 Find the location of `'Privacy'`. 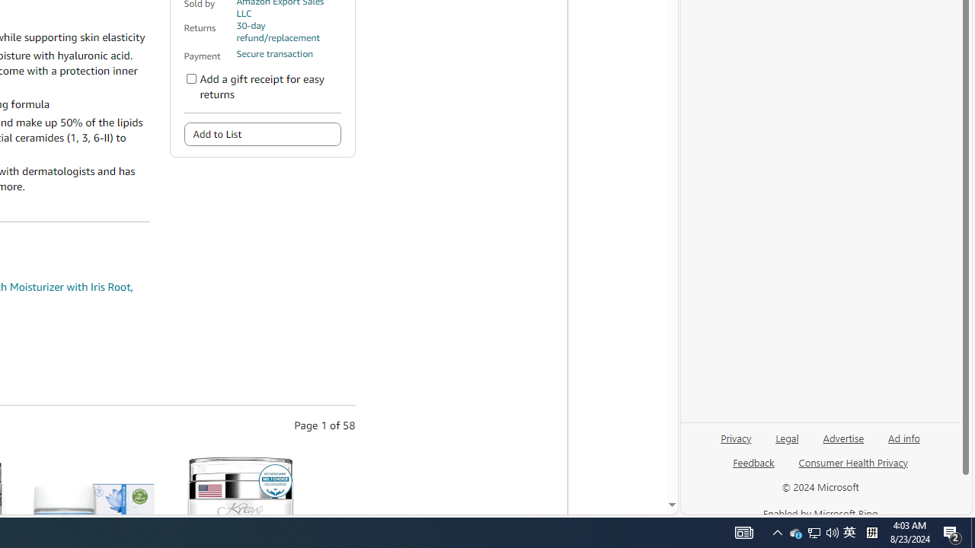

'Privacy' is located at coordinates (736, 437).